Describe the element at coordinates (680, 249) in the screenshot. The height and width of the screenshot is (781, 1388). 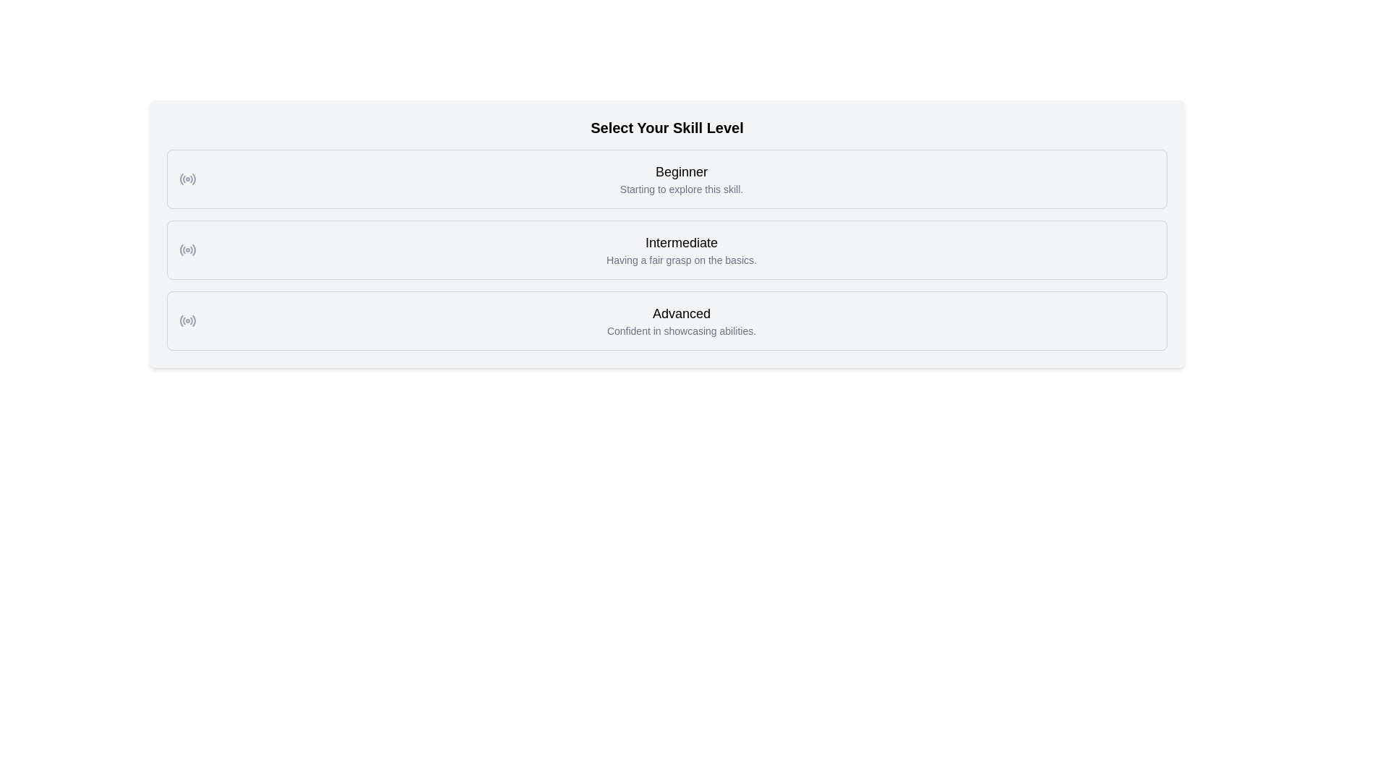
I see `the 'Intermediate' selectable option in the vertical list of skill levels` at that location.